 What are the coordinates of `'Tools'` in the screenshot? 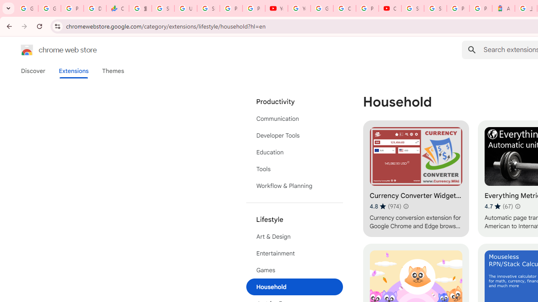 It's located at (294, 169).